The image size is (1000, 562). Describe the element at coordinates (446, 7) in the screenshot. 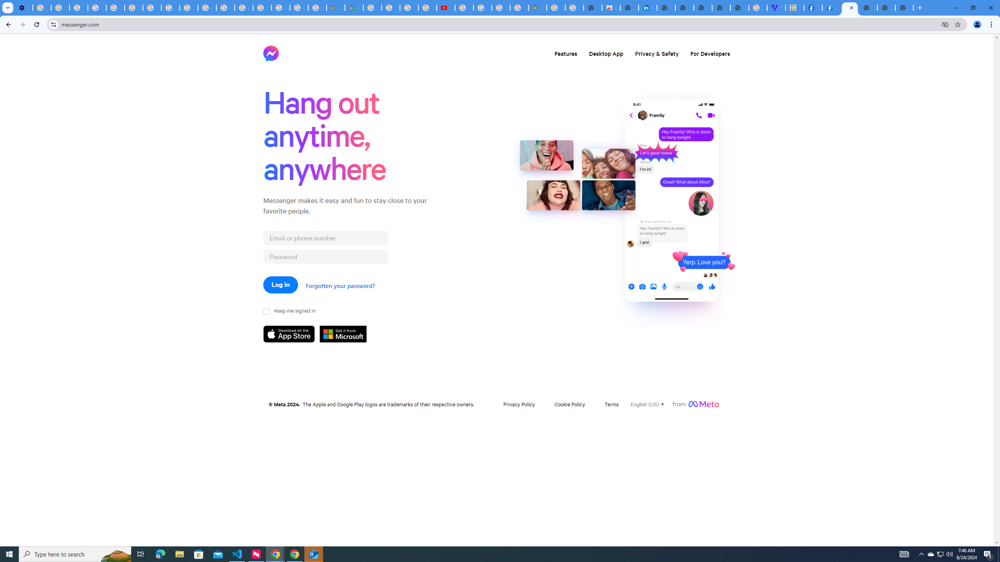

I see `'Subscriptions - YouTube'` at that location.